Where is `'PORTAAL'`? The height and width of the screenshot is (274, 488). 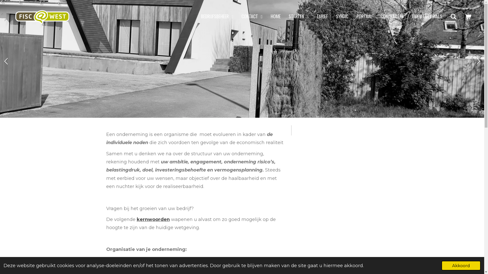 'PORTAAL' is located at coordinates (354, 16).